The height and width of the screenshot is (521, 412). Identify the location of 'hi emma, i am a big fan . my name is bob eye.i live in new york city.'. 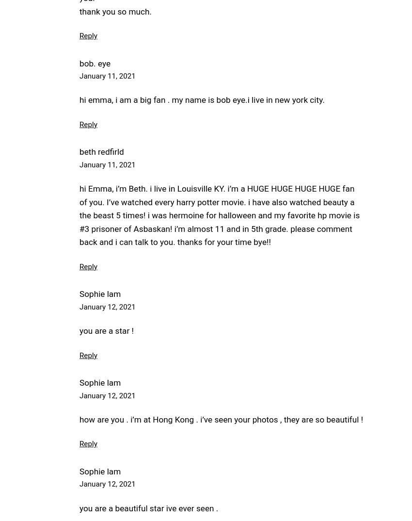
(202, 99).